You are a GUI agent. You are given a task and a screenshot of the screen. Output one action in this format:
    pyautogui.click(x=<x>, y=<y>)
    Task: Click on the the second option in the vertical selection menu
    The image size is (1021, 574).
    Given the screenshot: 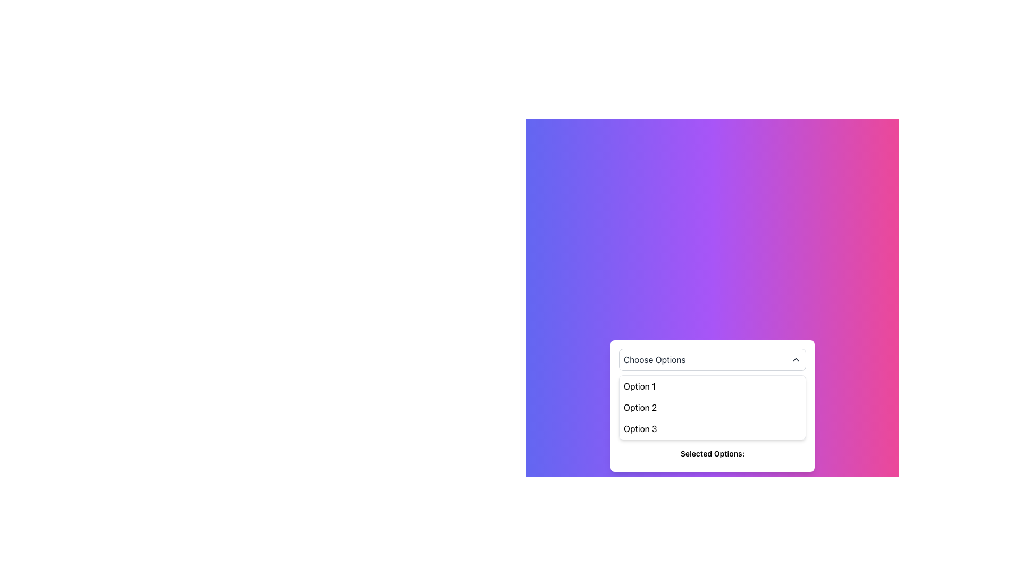 What is the action you would take?
    pyautogui.click(x=712, y=407)
    